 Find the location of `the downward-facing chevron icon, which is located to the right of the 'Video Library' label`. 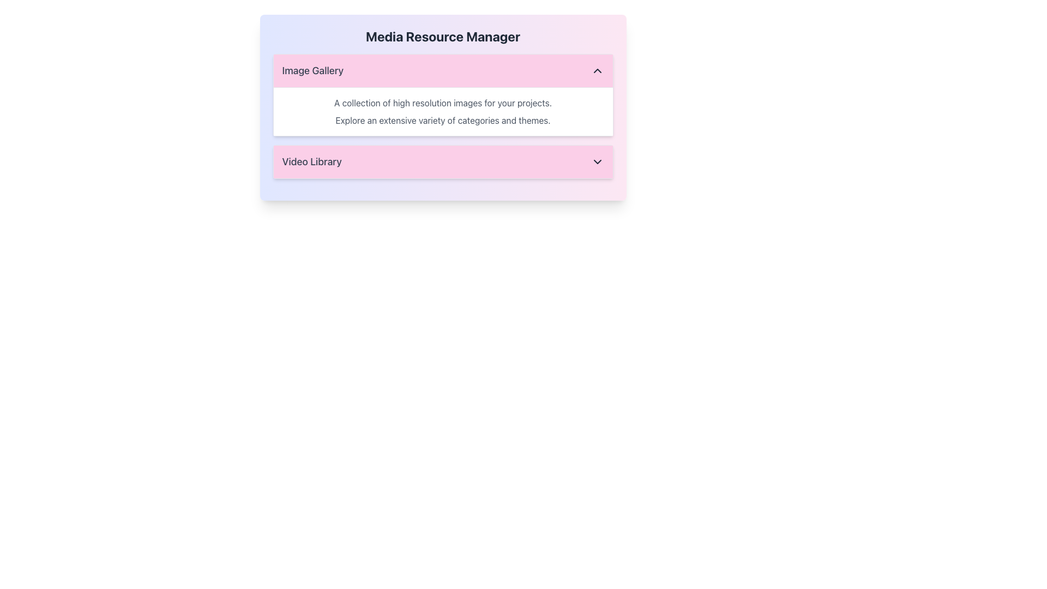

the downward-facing chevron icon, which is located to the right of the 'Video Library' label is located at coordinates (597, 162).